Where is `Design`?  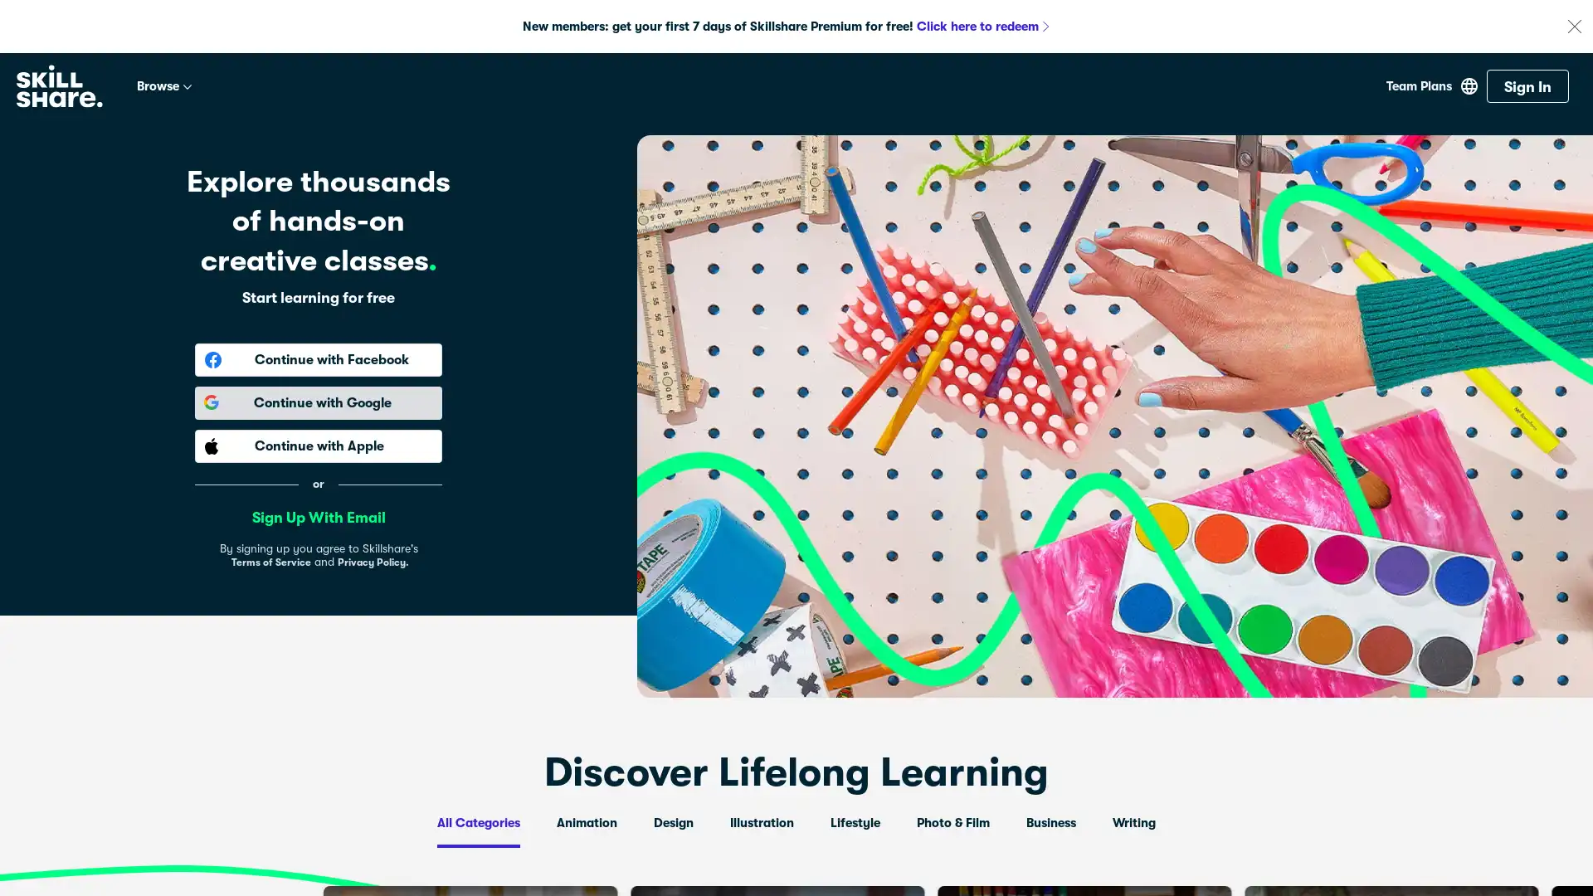 Design is located at coordinates (673, 828).